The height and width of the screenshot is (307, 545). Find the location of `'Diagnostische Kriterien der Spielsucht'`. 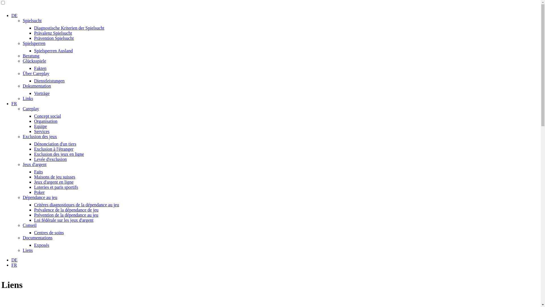

'Diagnostische Kriterien der Spielsucht' is located at coordinates (69, 28).